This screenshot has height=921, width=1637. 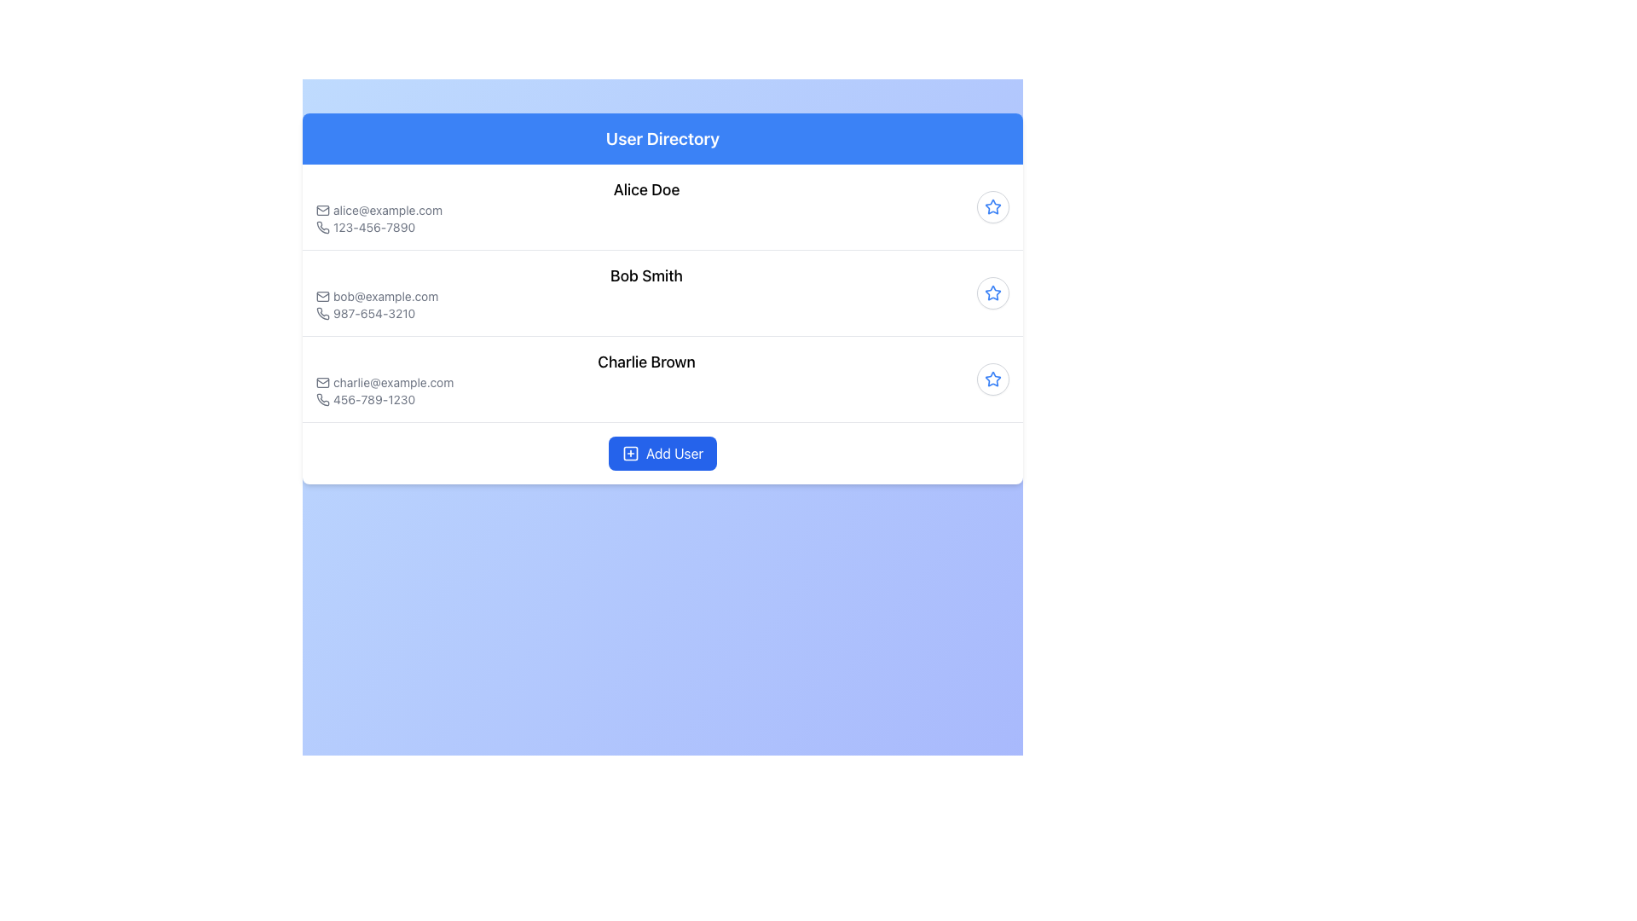 What do you see at coordinates (645, 361) in the screenshot?
I see `the text label displaying 'Charlie Brown', which is the third entry in the 'User Directory' list, positioned above the email and phone information` at bounding box center [645, 361].